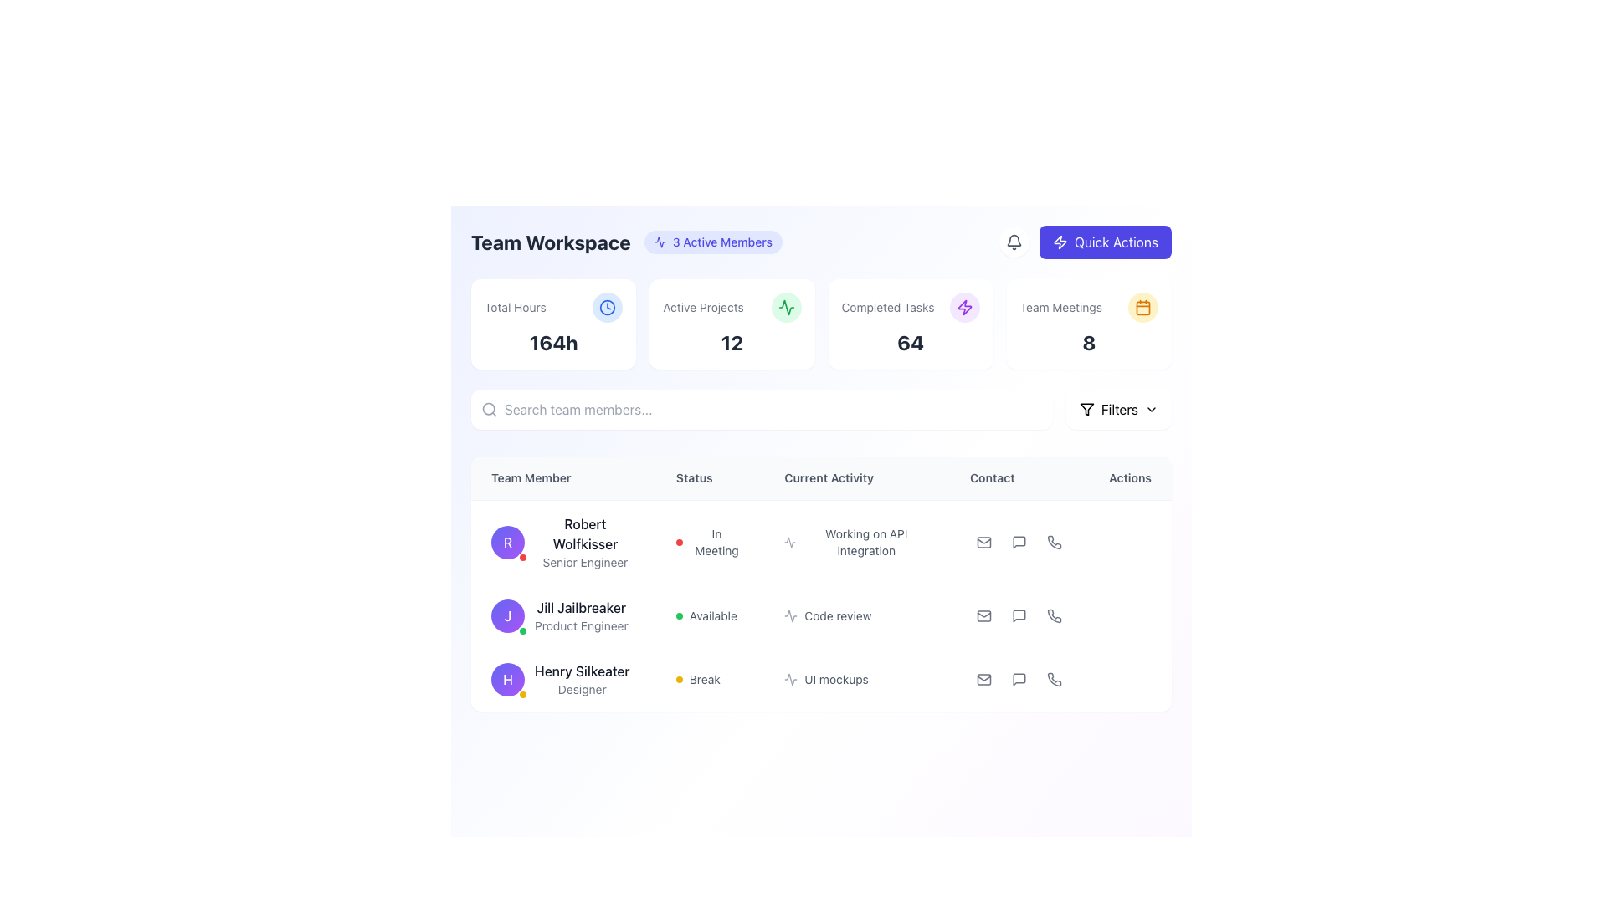 Image resolution: width=1607 pixels, height=903 pixels. I want to click on the search icon representation located to the left of the 'Search team members...' input field, so click(489, 409).